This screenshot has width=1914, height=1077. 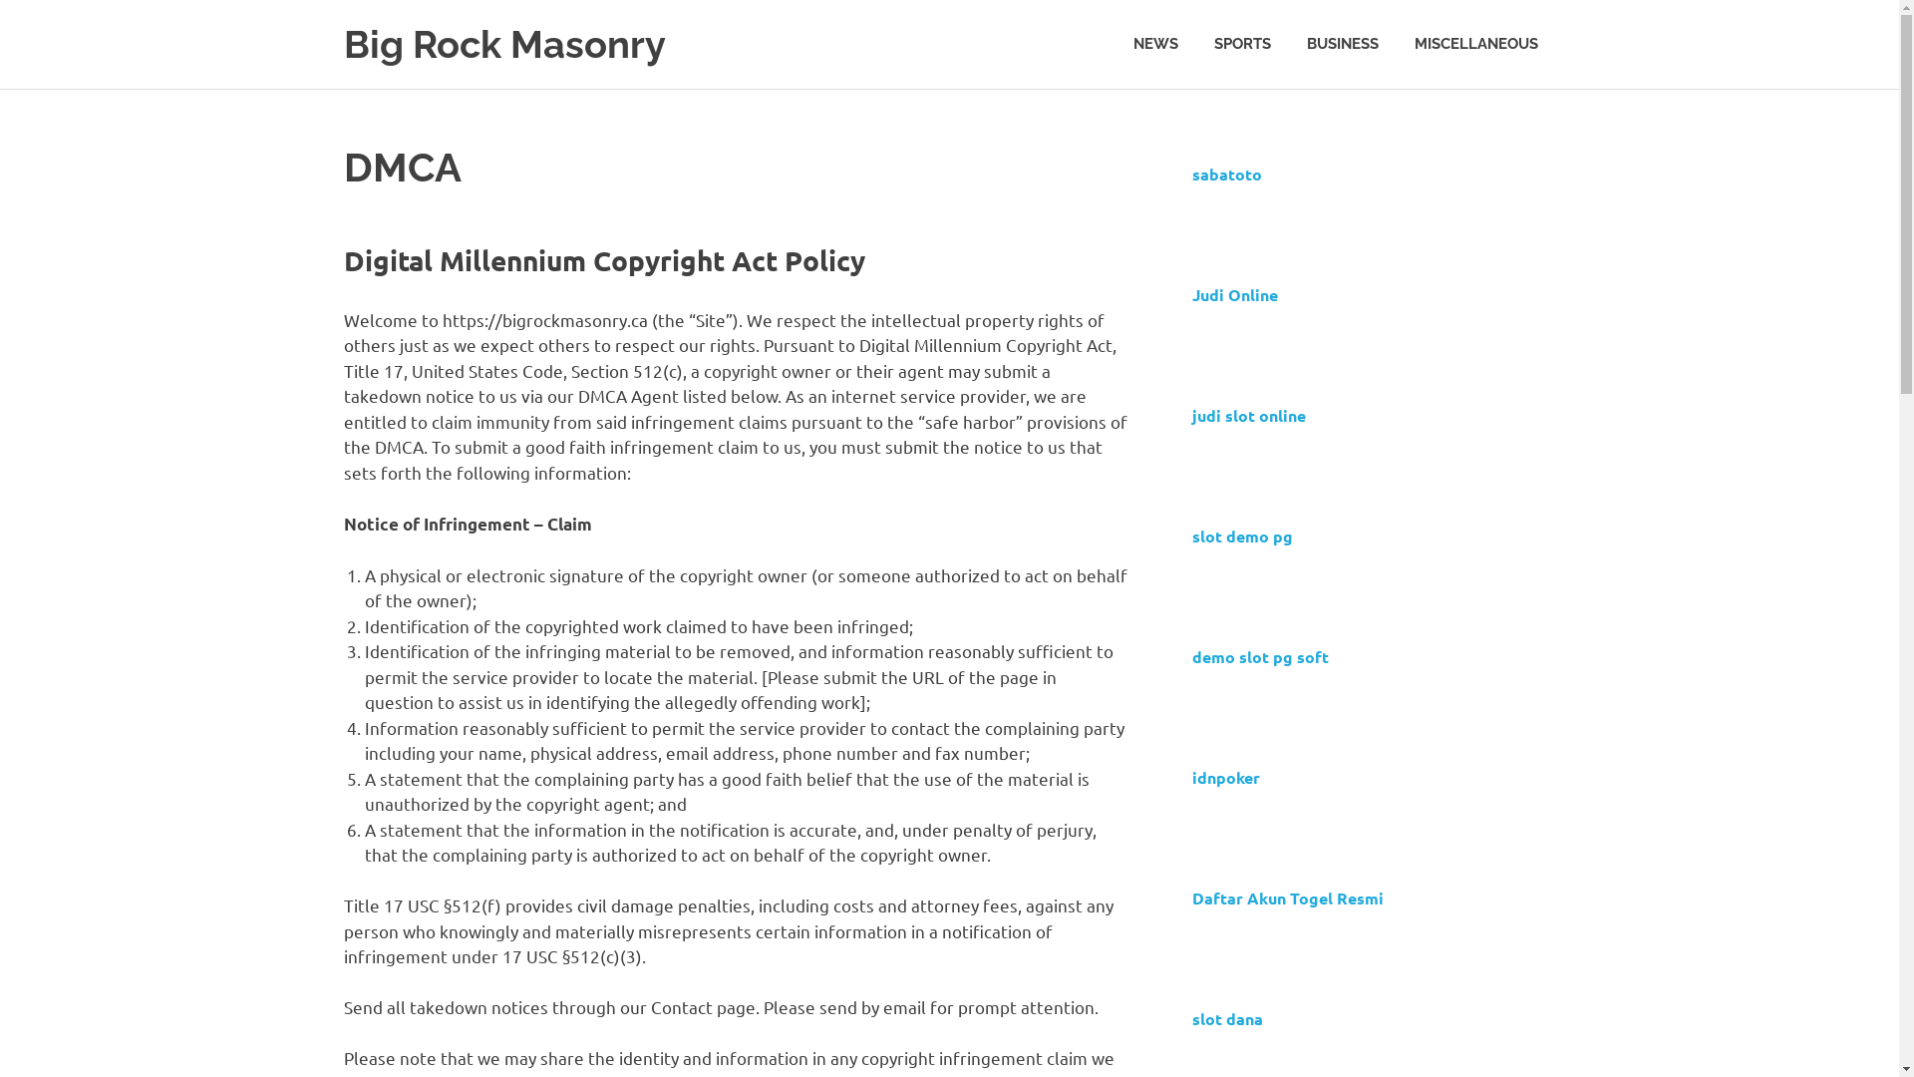 I want to click on 'SPORTS', so click(x=1241, y=44).